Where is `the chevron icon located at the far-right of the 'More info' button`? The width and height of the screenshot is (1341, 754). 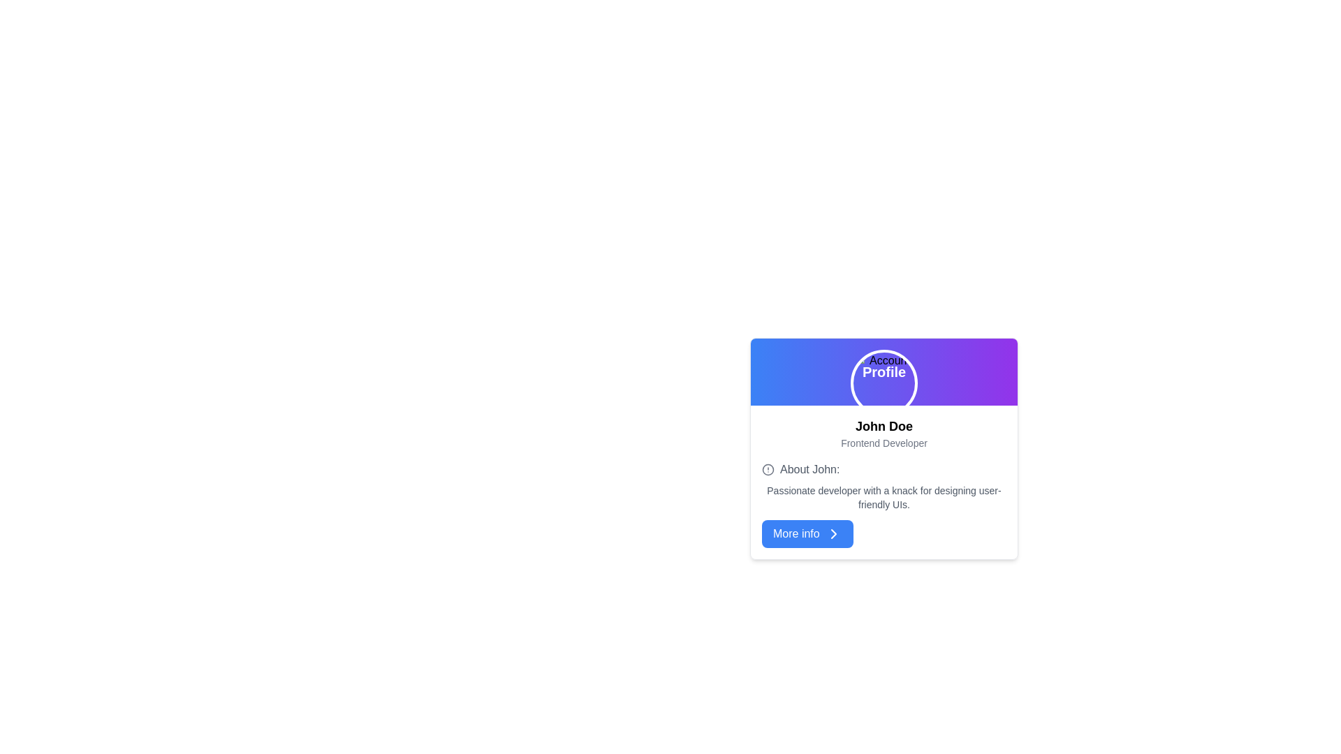 the chevron icon located at the far-right of the 'More info' button is located at coordinates (833, 533).